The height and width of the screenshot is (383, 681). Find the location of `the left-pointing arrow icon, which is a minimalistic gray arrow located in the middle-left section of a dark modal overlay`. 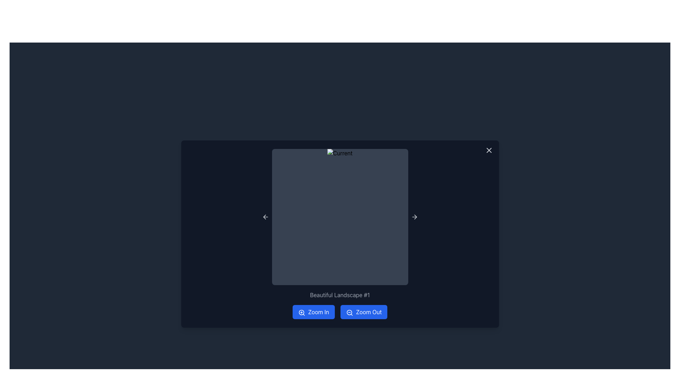

the left-pointing arrow icon, which is a minimalistic gray arrow located in the middle-left section of a dark modal overlay is located at coordinates (265, 217).